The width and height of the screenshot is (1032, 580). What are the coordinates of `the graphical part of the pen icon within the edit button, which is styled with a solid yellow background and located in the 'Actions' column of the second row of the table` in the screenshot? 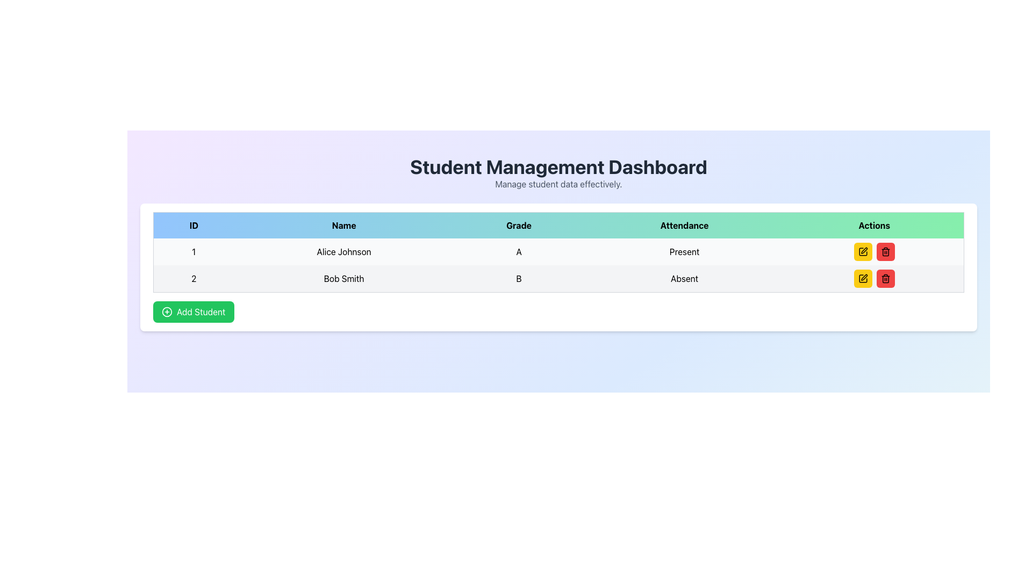 It's located at (863, 252).